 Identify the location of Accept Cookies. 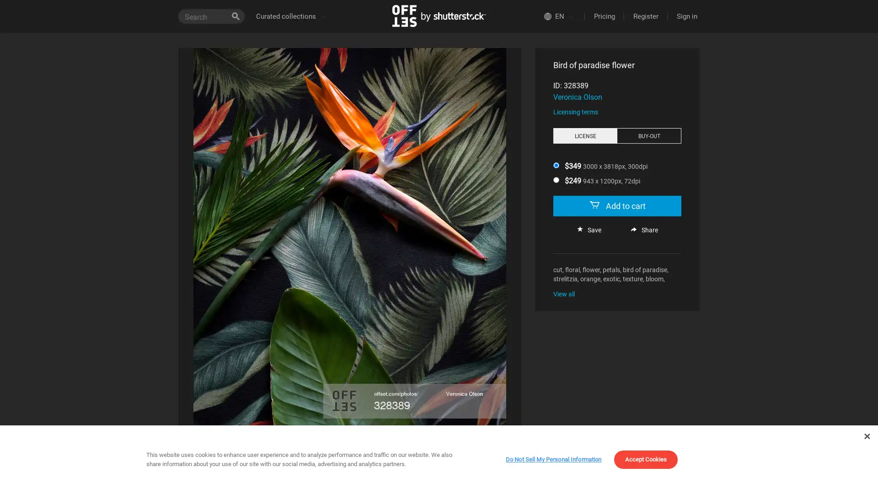
(550, 481).